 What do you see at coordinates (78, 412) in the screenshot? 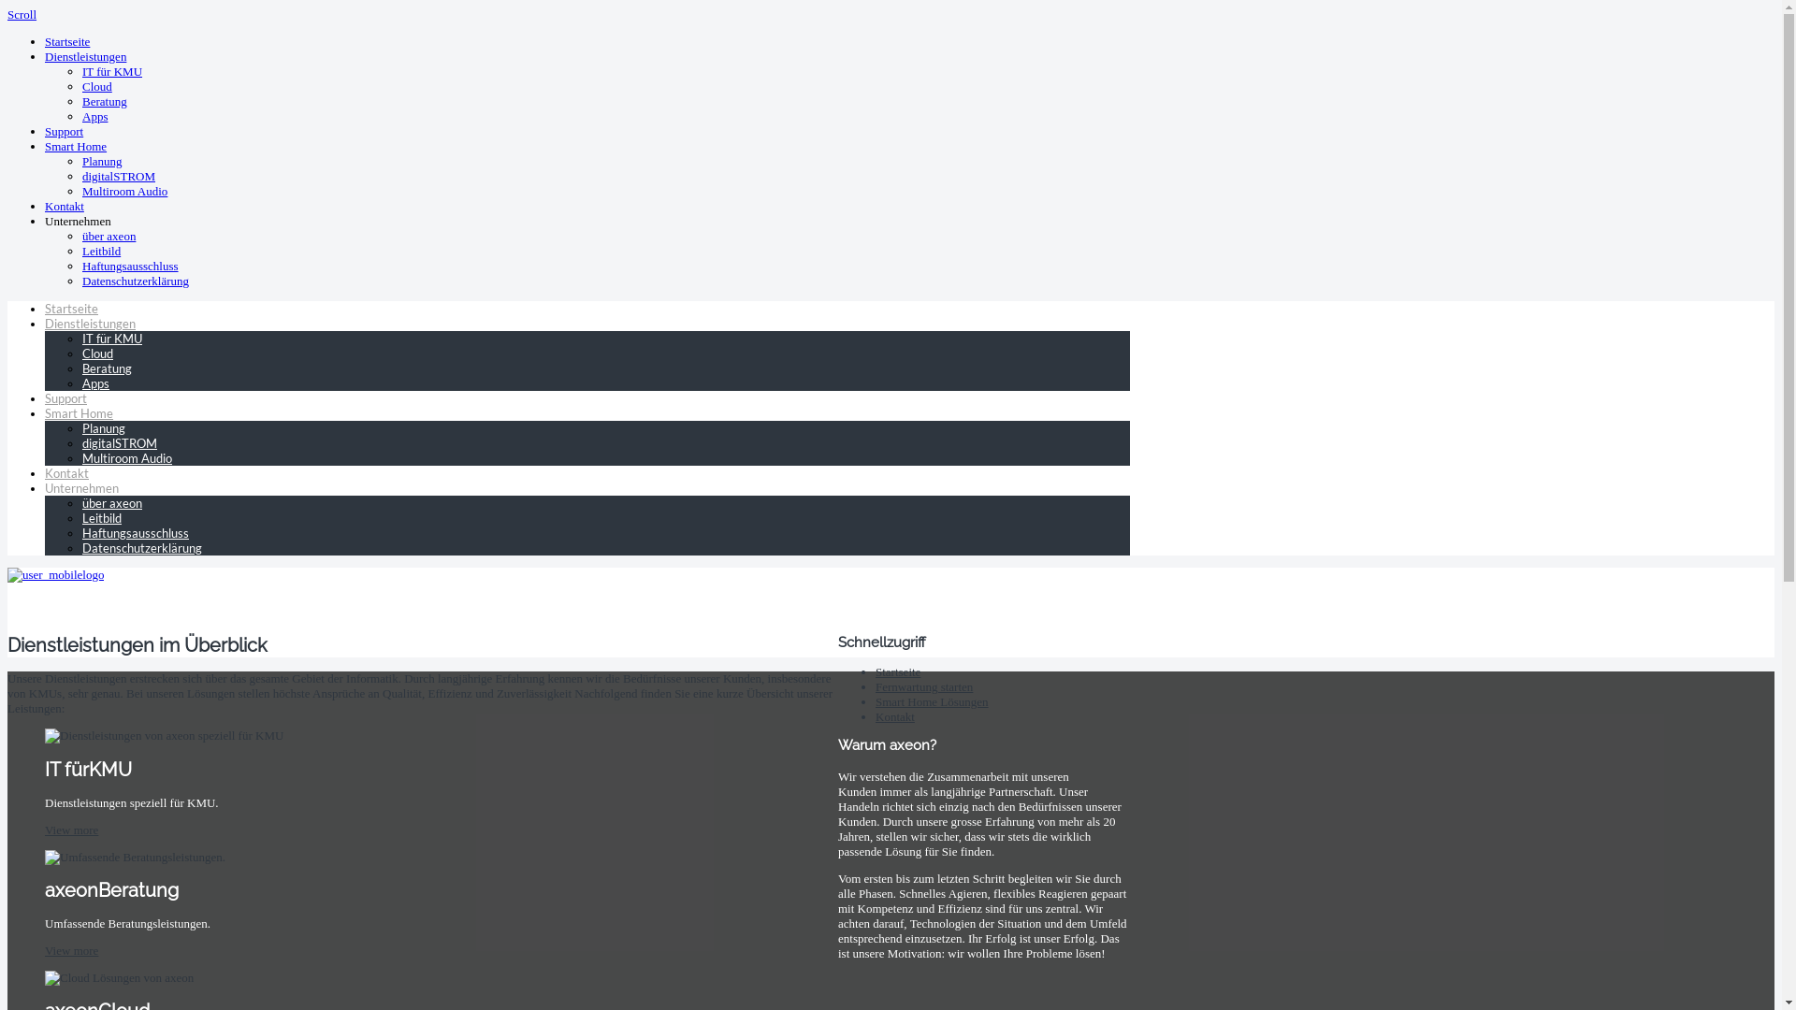
I see `'Smart Home'` at bounding box center [78, 412].